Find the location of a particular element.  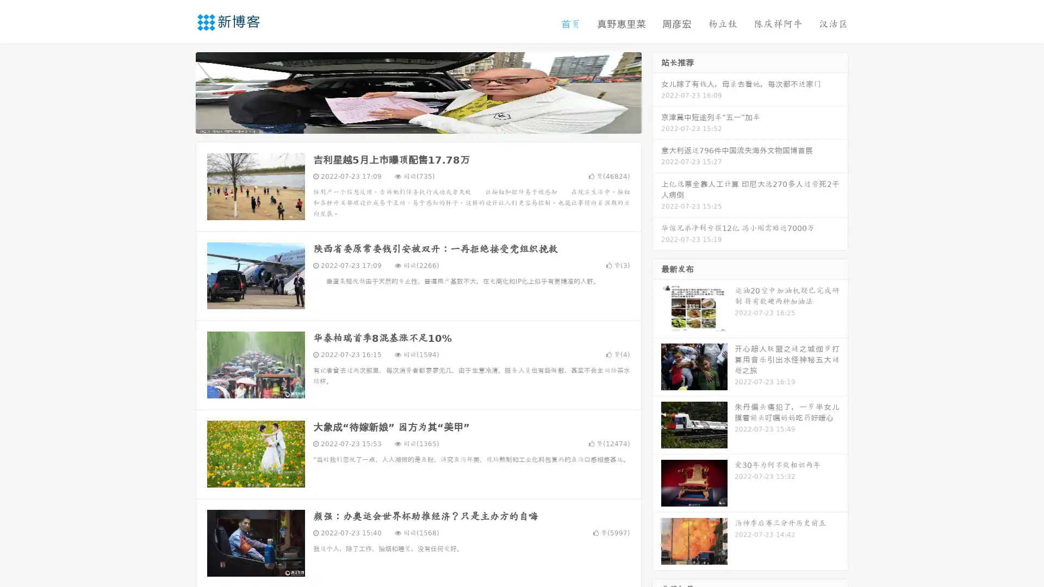

Previous slide is located at coordinates (179, 91).